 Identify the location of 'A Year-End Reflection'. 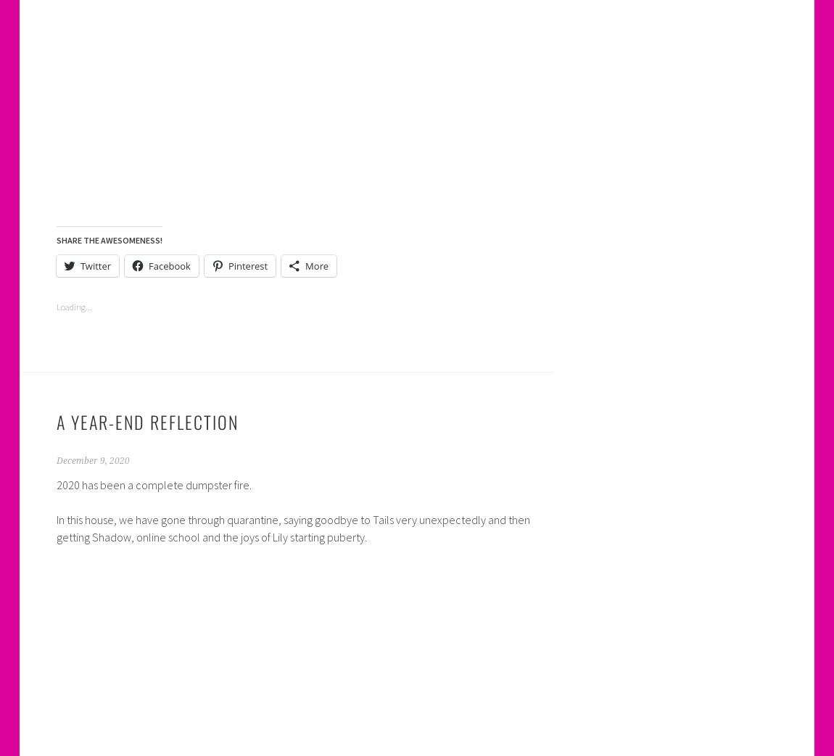
(146, 420).